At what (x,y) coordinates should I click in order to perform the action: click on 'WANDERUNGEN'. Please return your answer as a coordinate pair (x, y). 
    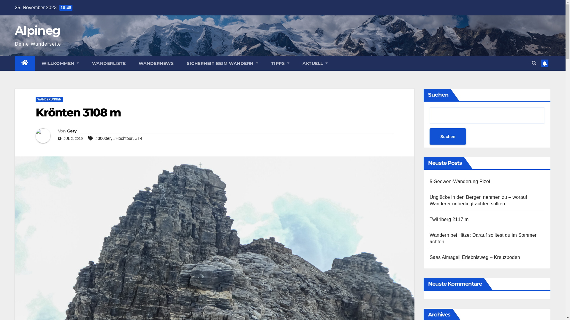
    Looking at the image, I should click on (35, 99).